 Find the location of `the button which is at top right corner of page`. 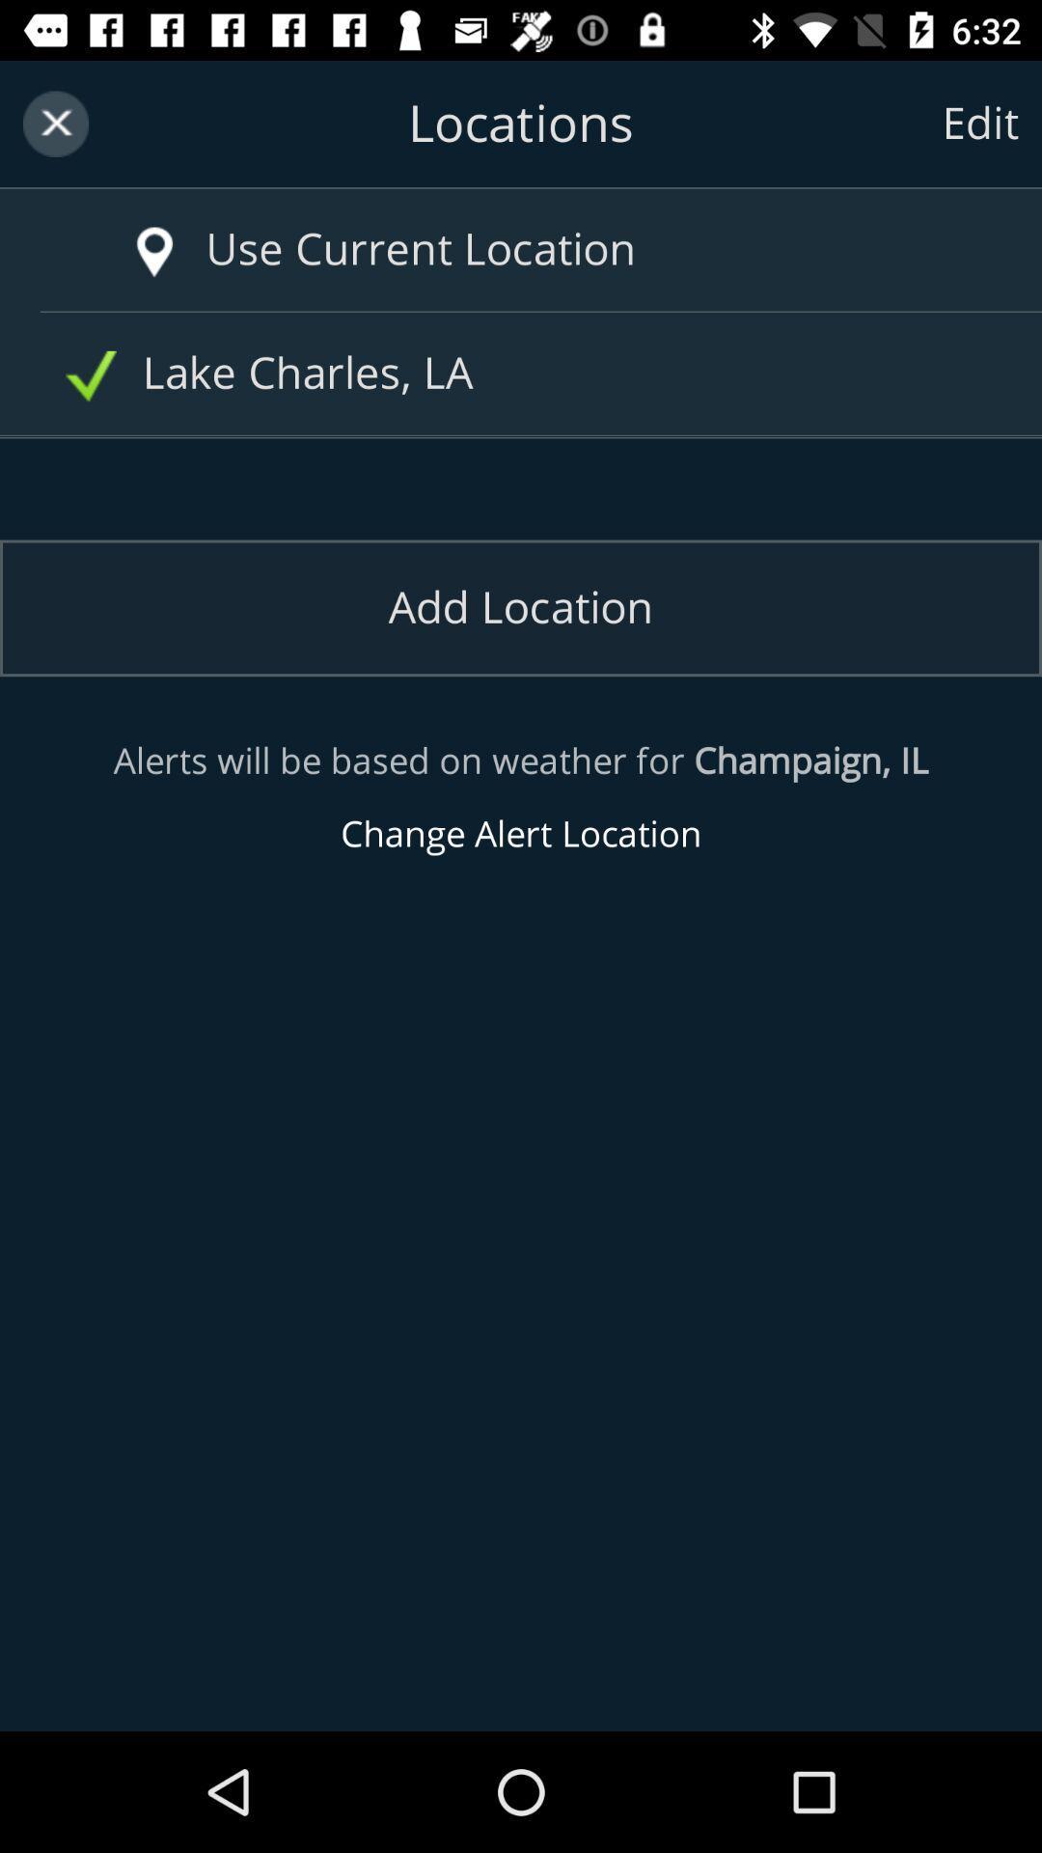

the button which is at top right corner of page is located at coordinates (980, 123).